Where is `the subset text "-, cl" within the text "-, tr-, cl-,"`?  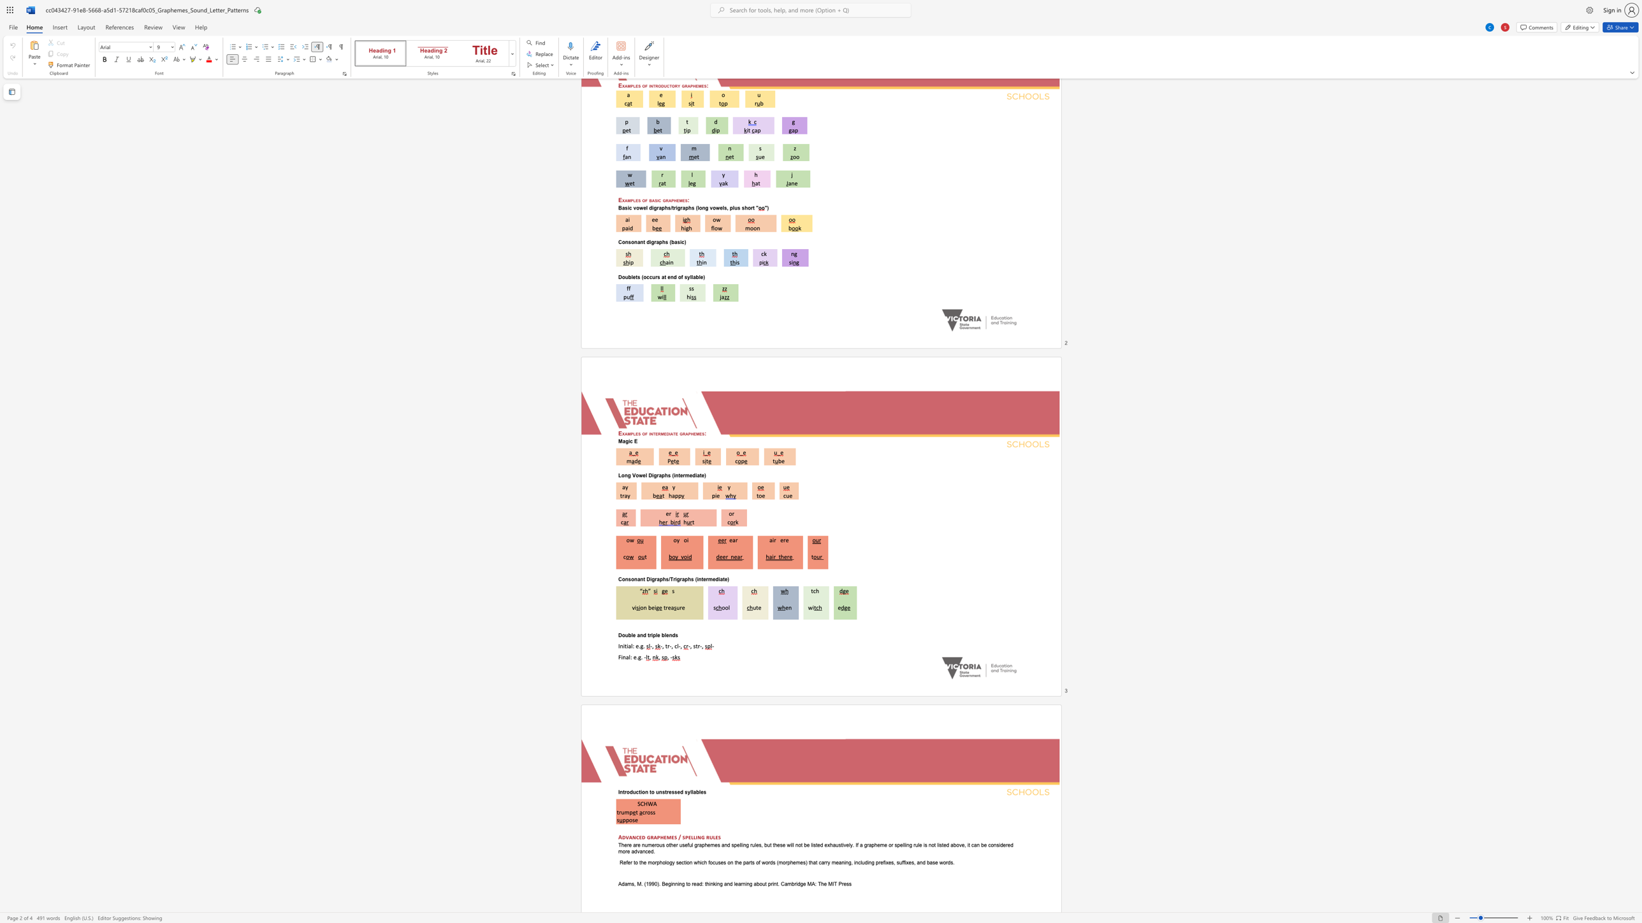
the subset text "-, cl" within the text "-, tr-, cl-," is located at coordinates (669, 645).